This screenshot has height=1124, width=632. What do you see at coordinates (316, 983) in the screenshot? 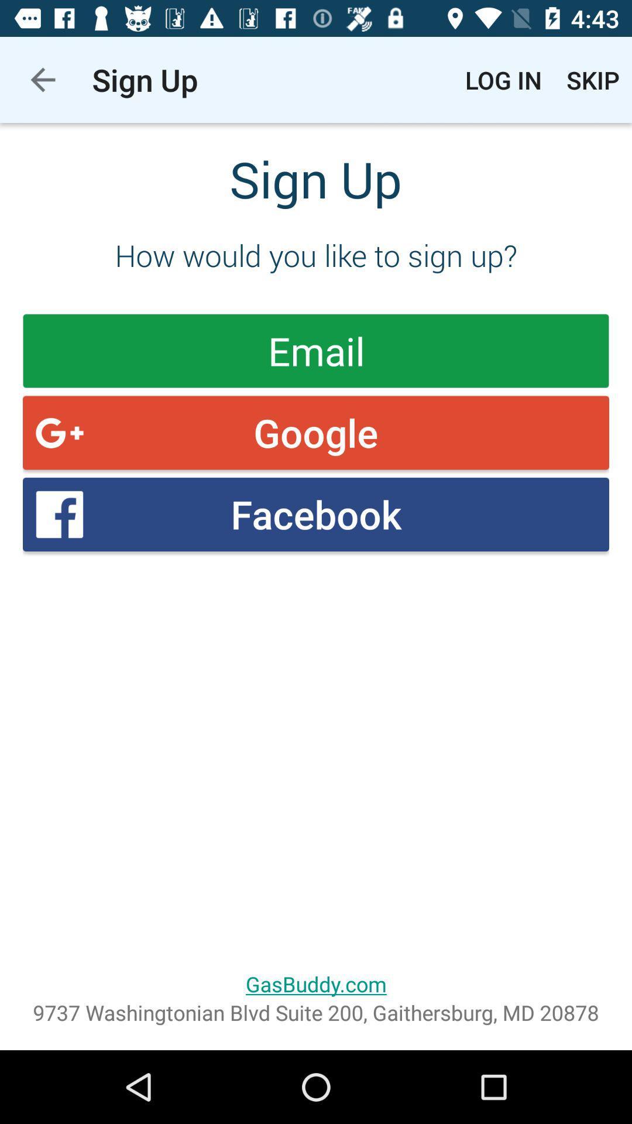
I see `the gasbuddy.com icon` at bounding box center [316, 983].